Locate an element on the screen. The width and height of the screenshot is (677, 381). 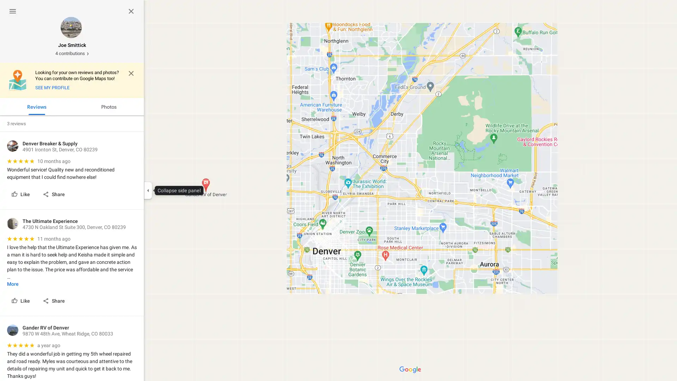
Collapse side panel is located at coordinates (147, 190).